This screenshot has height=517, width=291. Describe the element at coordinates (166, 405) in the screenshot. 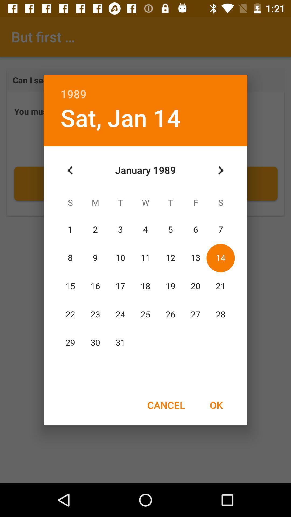

I see `the cancel` at that location.